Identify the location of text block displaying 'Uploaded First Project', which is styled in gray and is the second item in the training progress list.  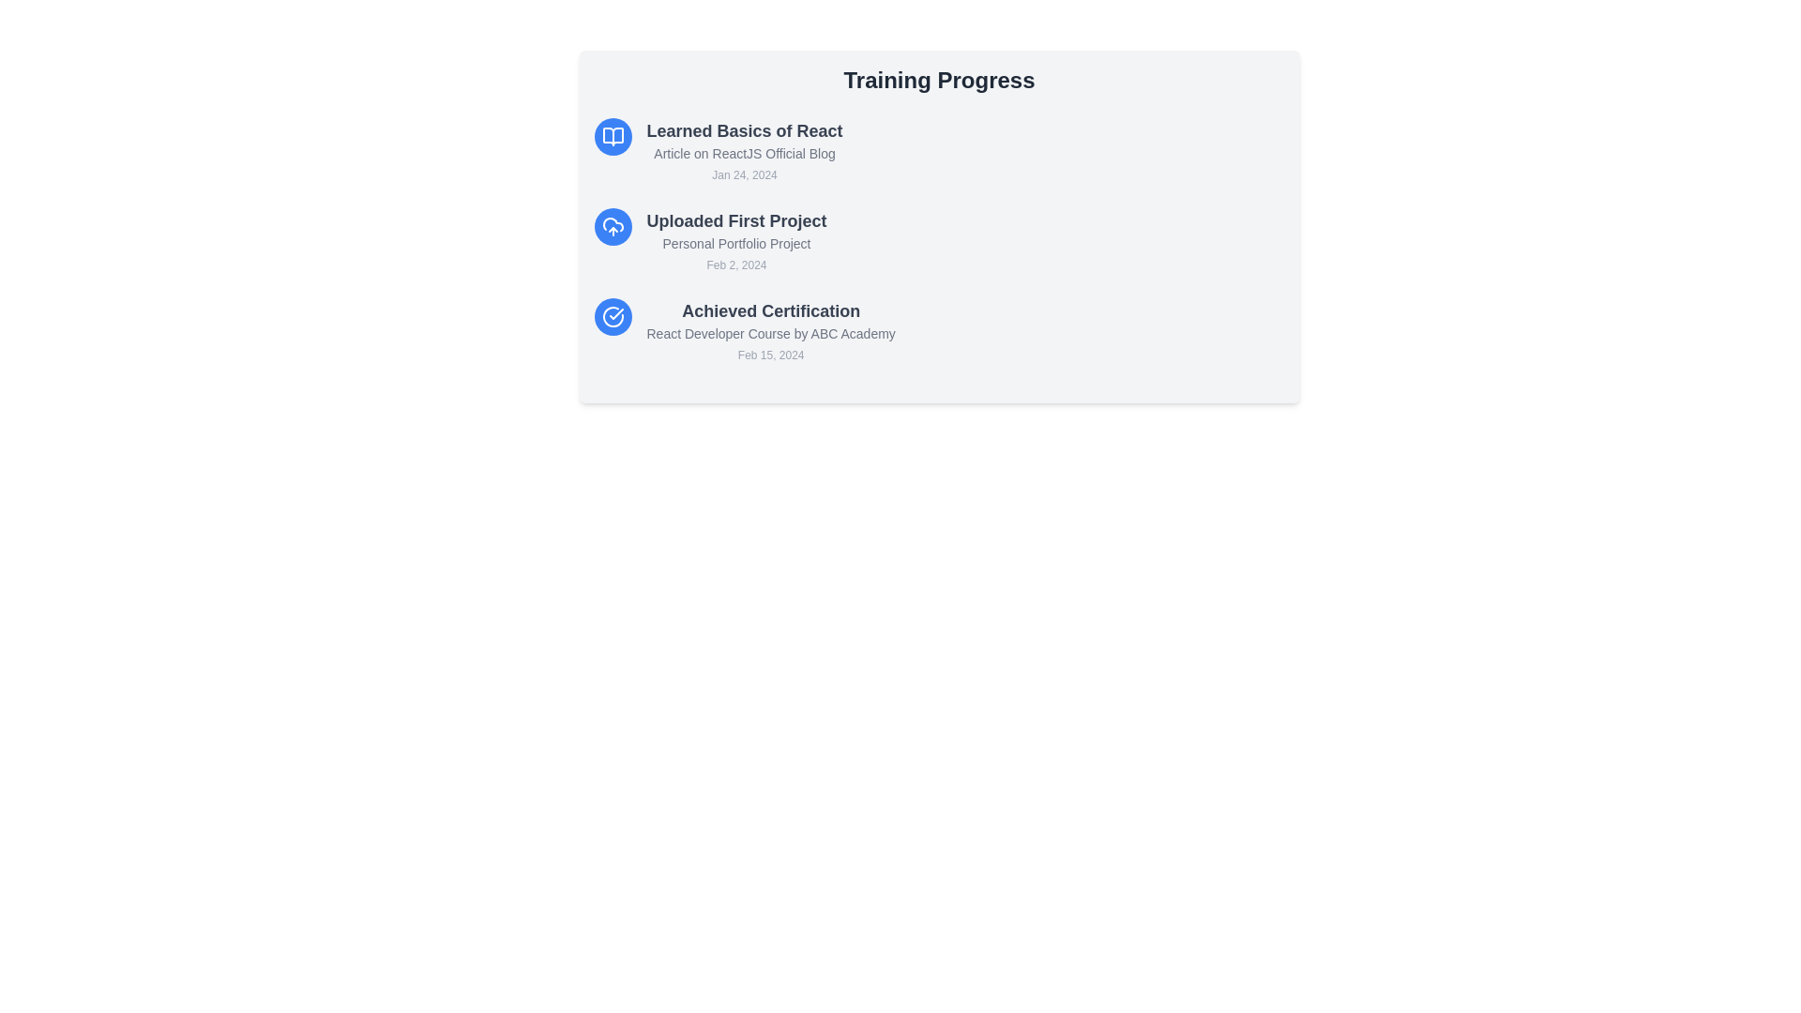
(735, 219).